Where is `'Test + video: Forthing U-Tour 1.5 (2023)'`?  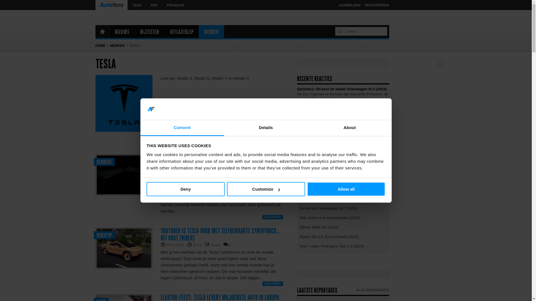
'Test + video: Forthing U-Tour 1.5 (2023)' is located at coordinates (343, 246).